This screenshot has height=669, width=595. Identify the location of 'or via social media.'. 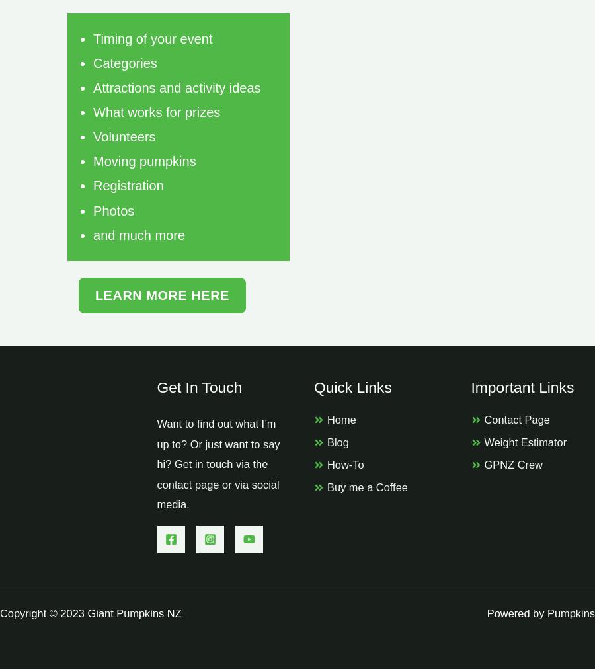
(217, 494).